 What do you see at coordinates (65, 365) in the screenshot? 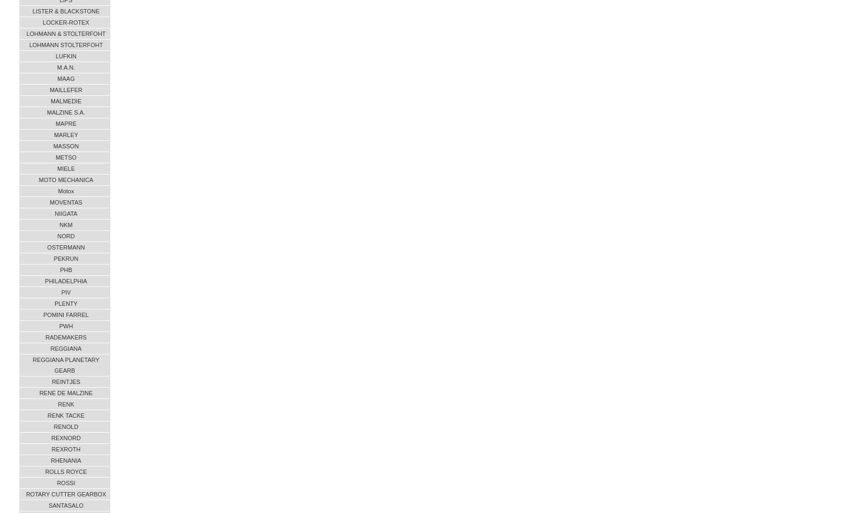
I see `'REGGIANA PLANETARY GEARB'` at bounding box center [65, 365].